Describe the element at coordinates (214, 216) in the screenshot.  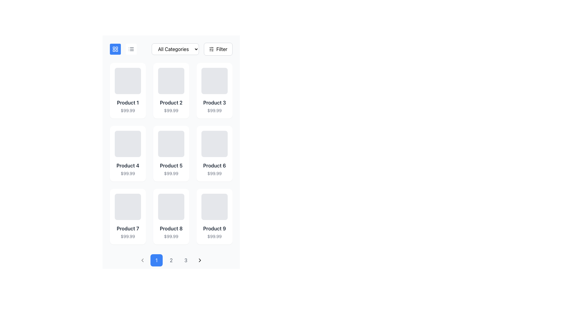
I see `the product display card located at the bottom-right position of the grid` at that location.